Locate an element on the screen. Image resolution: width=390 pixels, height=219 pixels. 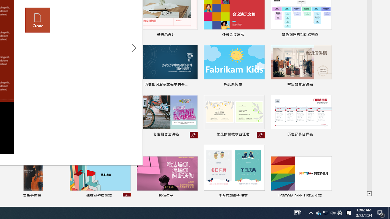
'Pin to list' is located at coordinates (327, 196).